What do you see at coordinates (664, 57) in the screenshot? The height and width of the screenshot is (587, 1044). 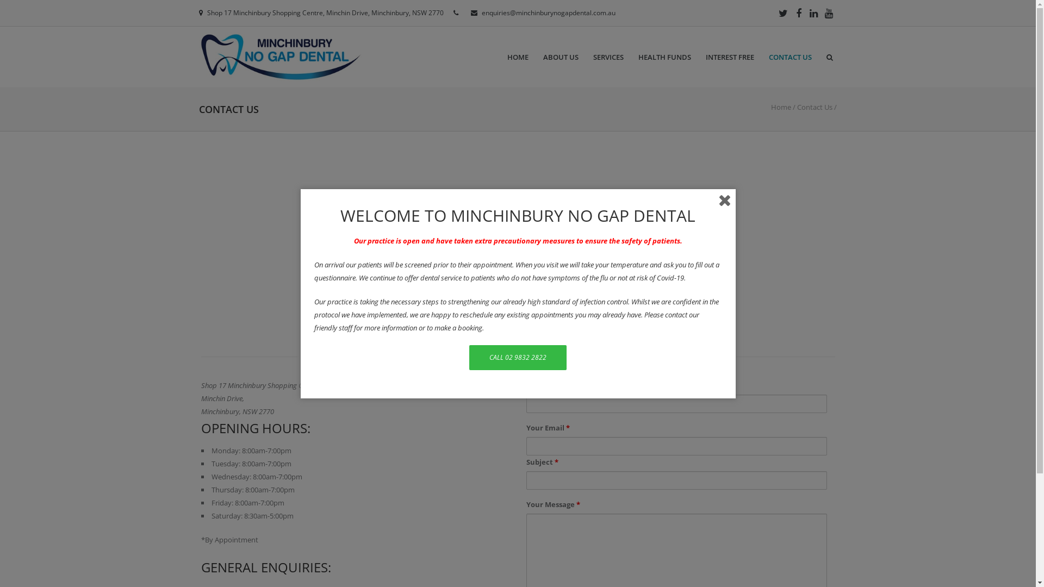 I see `'HEALTH FUNDS'` at bounding box center [664, 57].